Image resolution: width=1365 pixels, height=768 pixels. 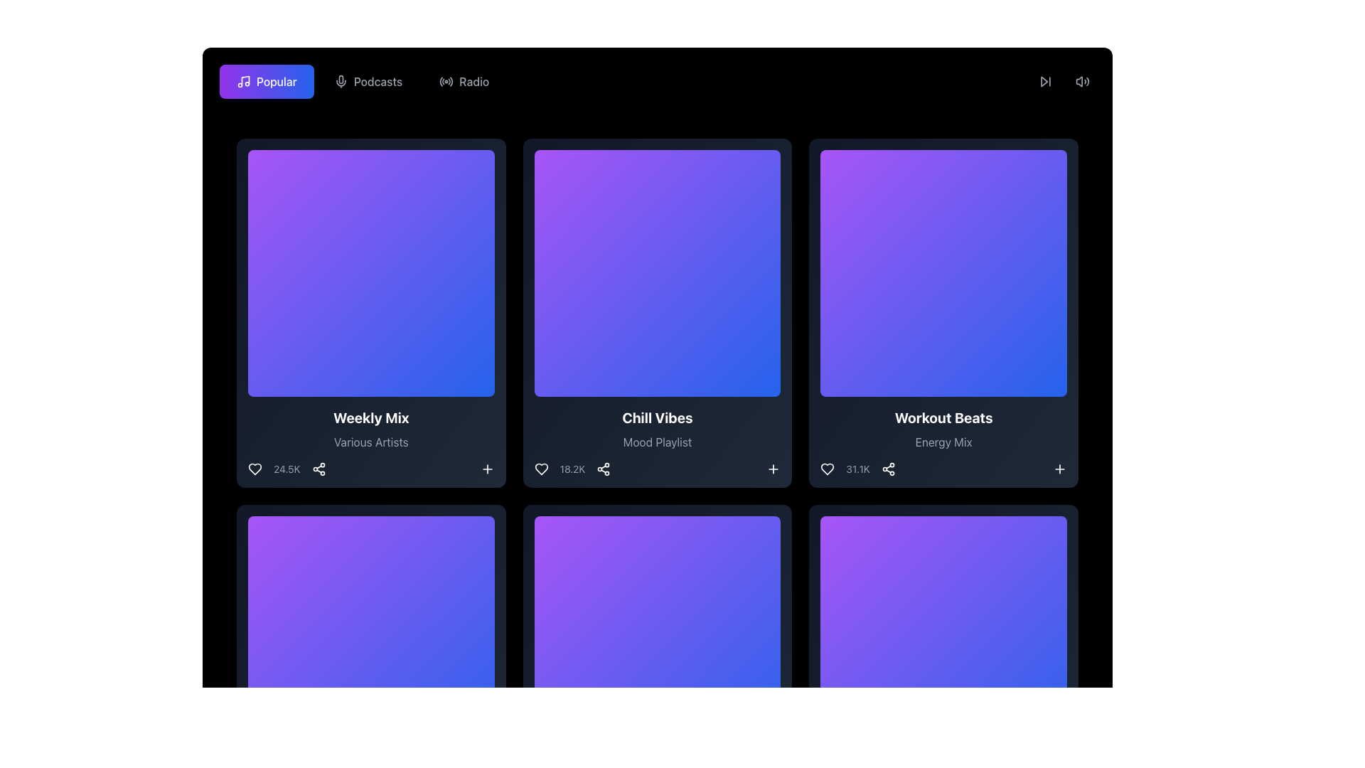 What do you see at coordinates (371, 417) in the screenshot?
I see `the Heading or Title Label positioned at the top-left of the card grid layout, which represents a playlist or collection` at bounding box center [371, 417].